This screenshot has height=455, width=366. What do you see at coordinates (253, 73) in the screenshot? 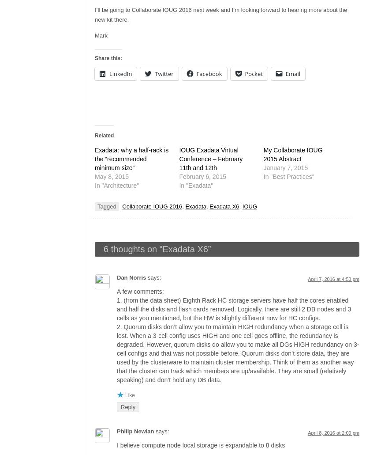
I see `'Pocket'` at bounding box center [253, 73].